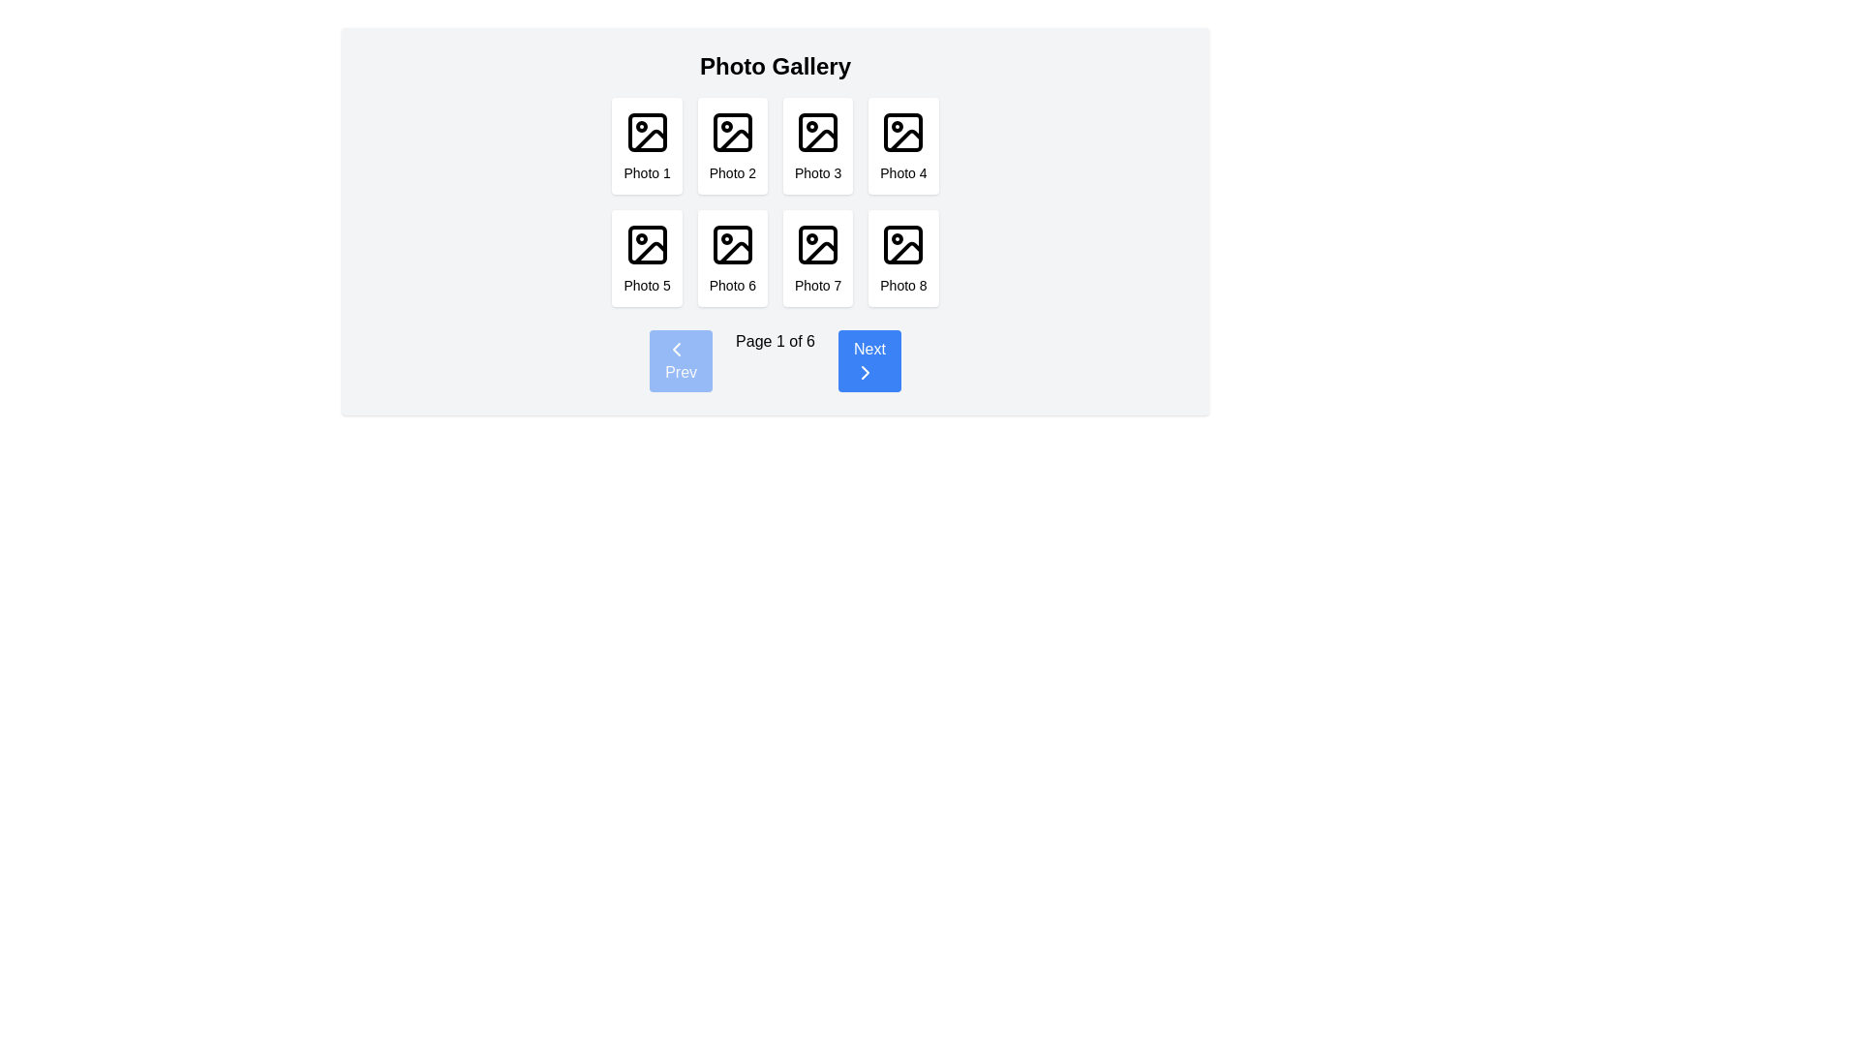 Image resolution: width=1859 pixels, height=1046 pixels. Describe the element at coordinates (731, 132) in the screenshot. I see `the black icon styled as a rounded rectangle enclosing a circle and a triangle, located in the second box of the top row in the photo gallery` at that location.